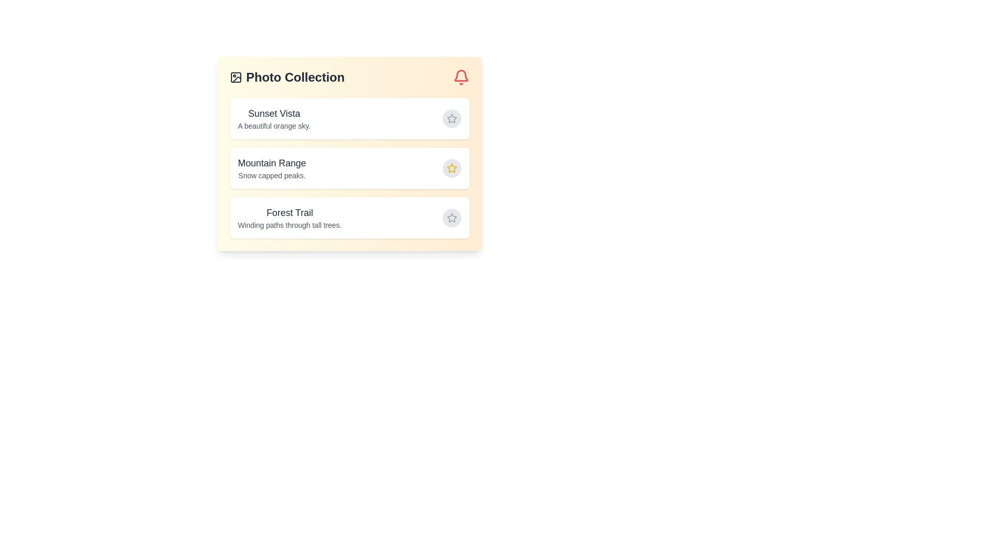 The image size is (992, 558). What do you see at coordinates (289, 212) in the screenshot?
I see `the title of Forest Trail for selection or copying` at bounding box center [289, 212].